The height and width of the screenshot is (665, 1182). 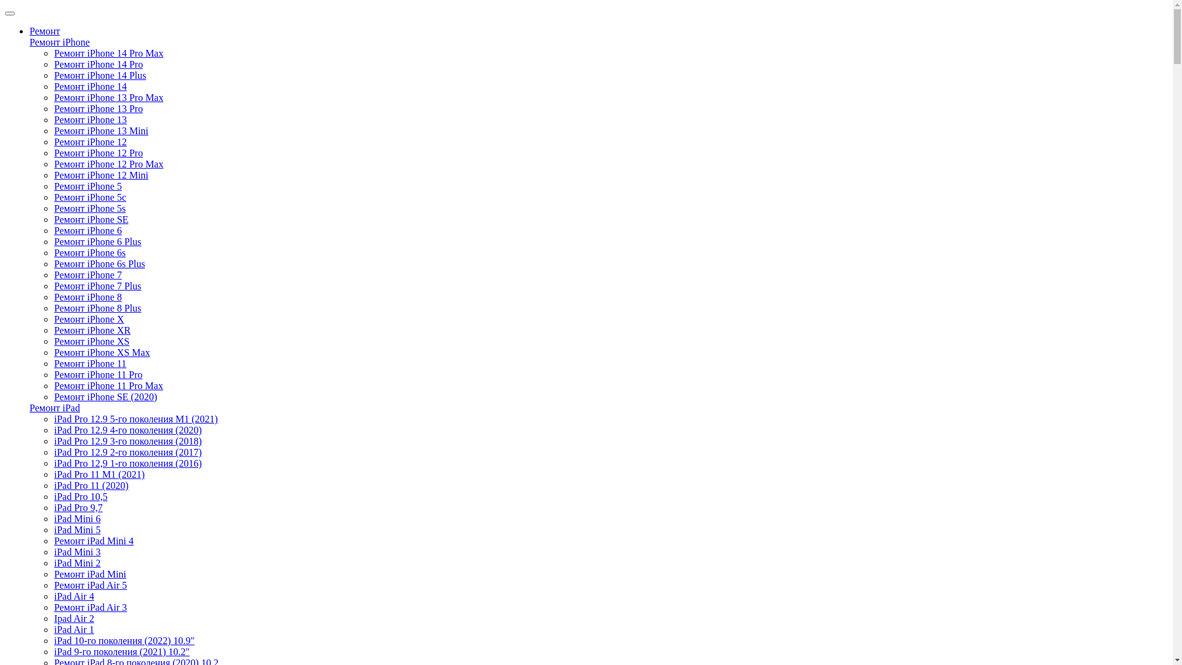 I want to click on 'iPad Pro 10,5', so click(x=80, y=496).